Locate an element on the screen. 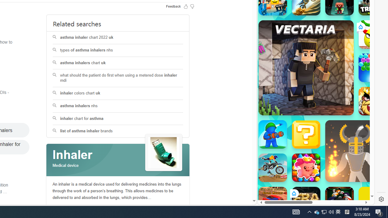 This screenshot has height=218, width=388. '8 Ball Pool With Buddies' is located at coordinates (339, 201).